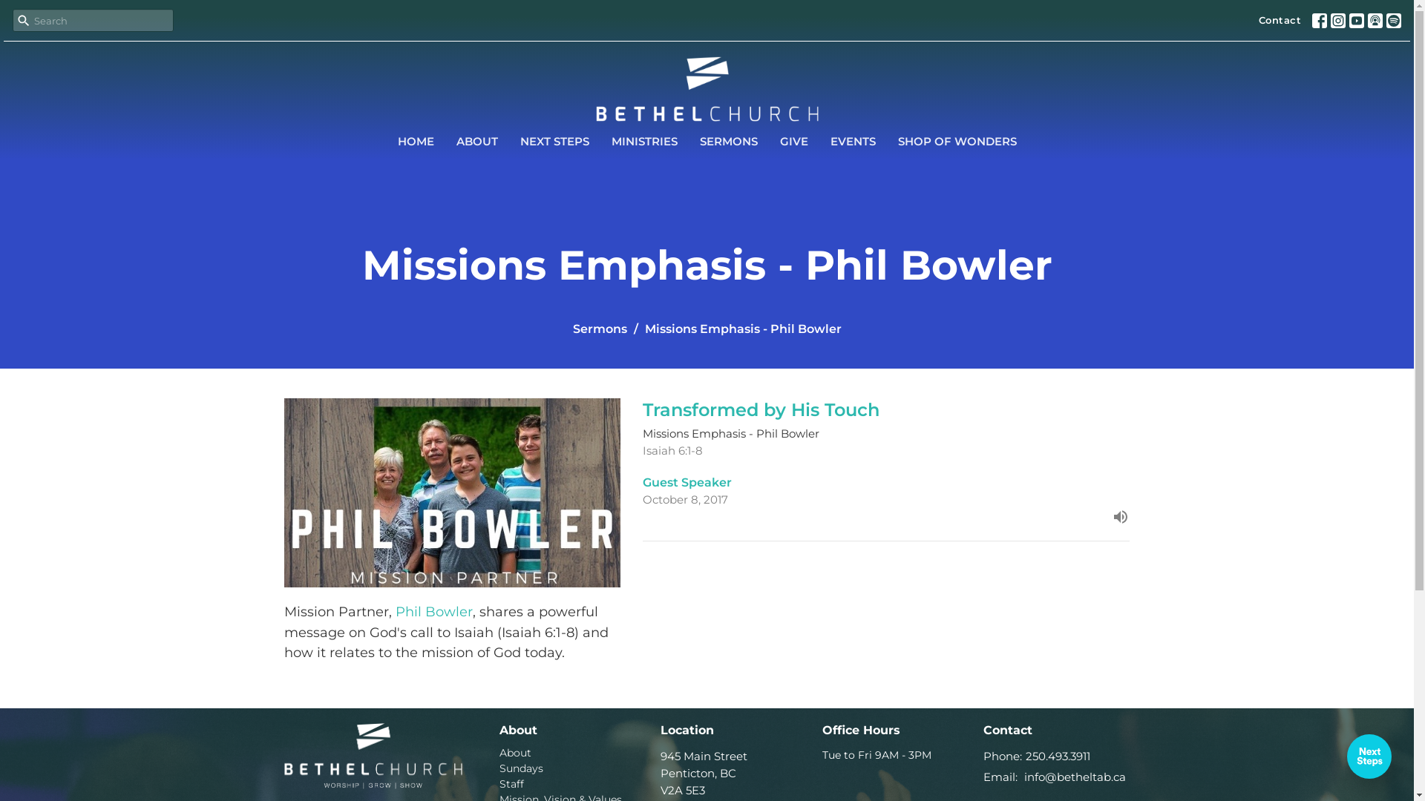 The width and height of the screenshot is (1425, 801). What do you see at coordinates (476, 141) in the screenshot?
I see `'ABOUT'` at bounding box center [476, 141].